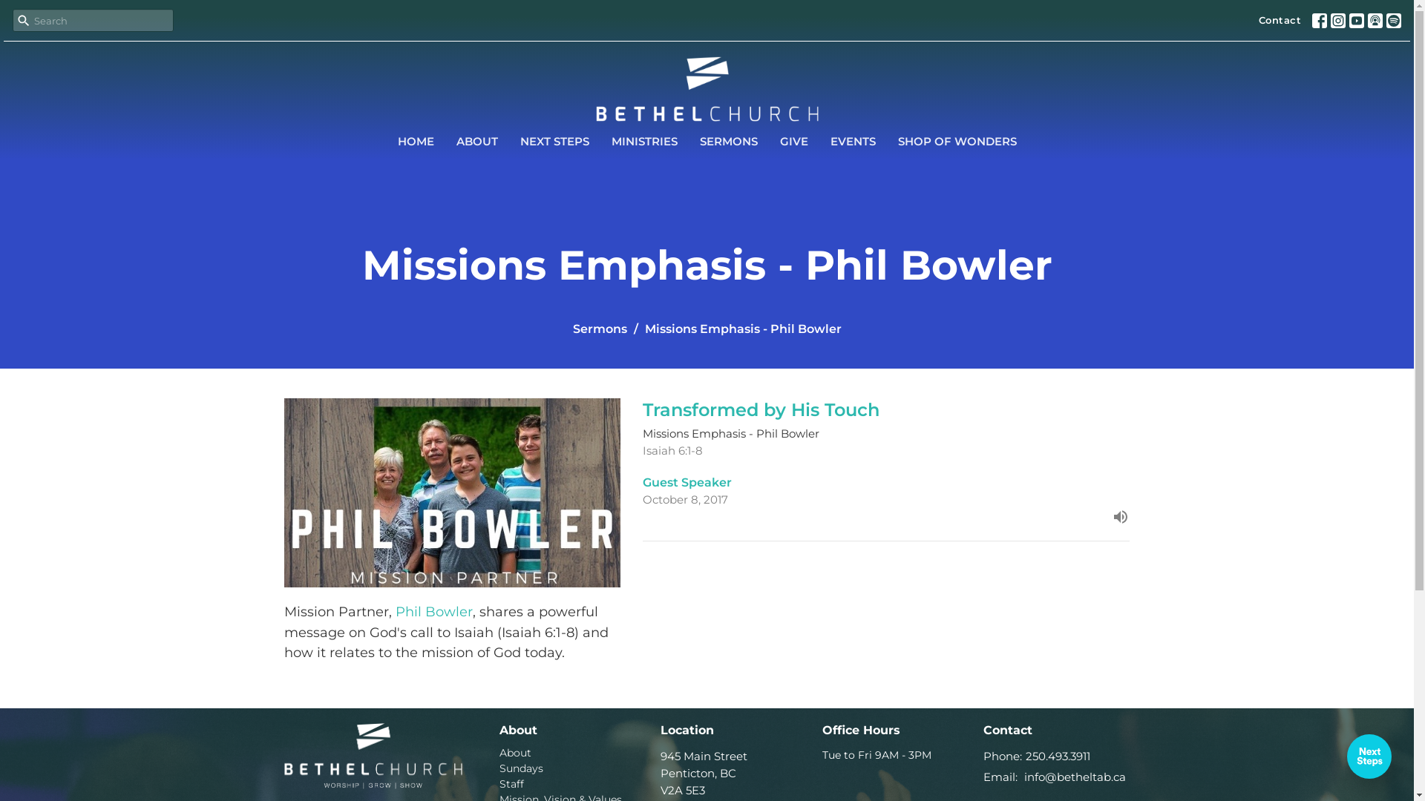 The width and height of the screenshot is (1425, 801). What do you see at coordinates (476, 141) in the screenshot?
I see `'ABOUT'` at bounding box center [476, 141].